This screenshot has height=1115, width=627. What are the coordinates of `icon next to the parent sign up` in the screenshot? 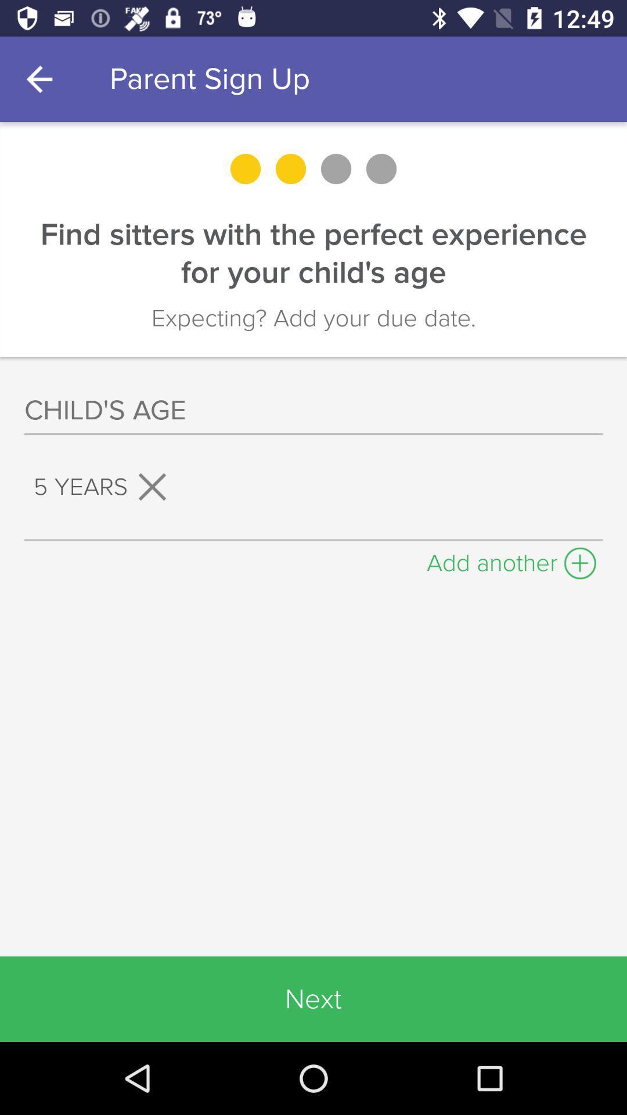 It's located at (42, 78).